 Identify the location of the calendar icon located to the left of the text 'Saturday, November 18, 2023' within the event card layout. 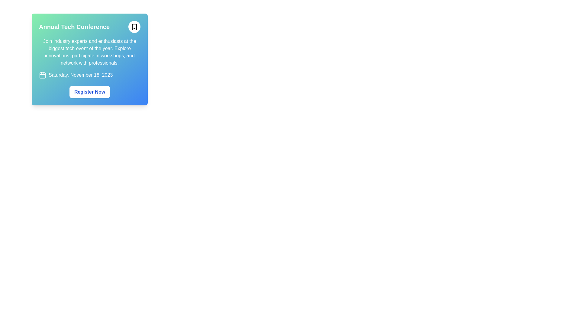
(42, 75).